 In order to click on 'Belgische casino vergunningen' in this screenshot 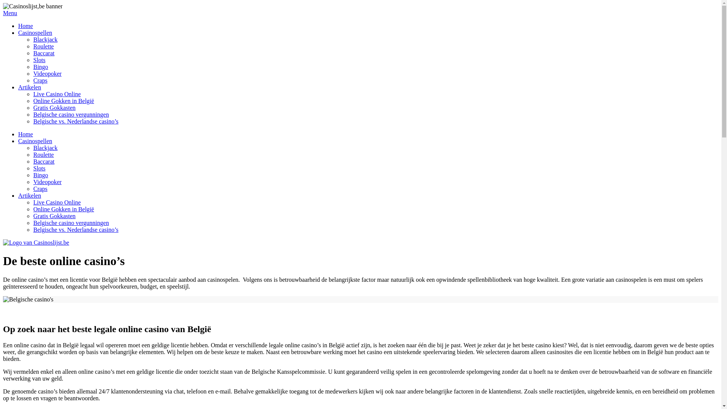, I will do `click(71, 114)`.